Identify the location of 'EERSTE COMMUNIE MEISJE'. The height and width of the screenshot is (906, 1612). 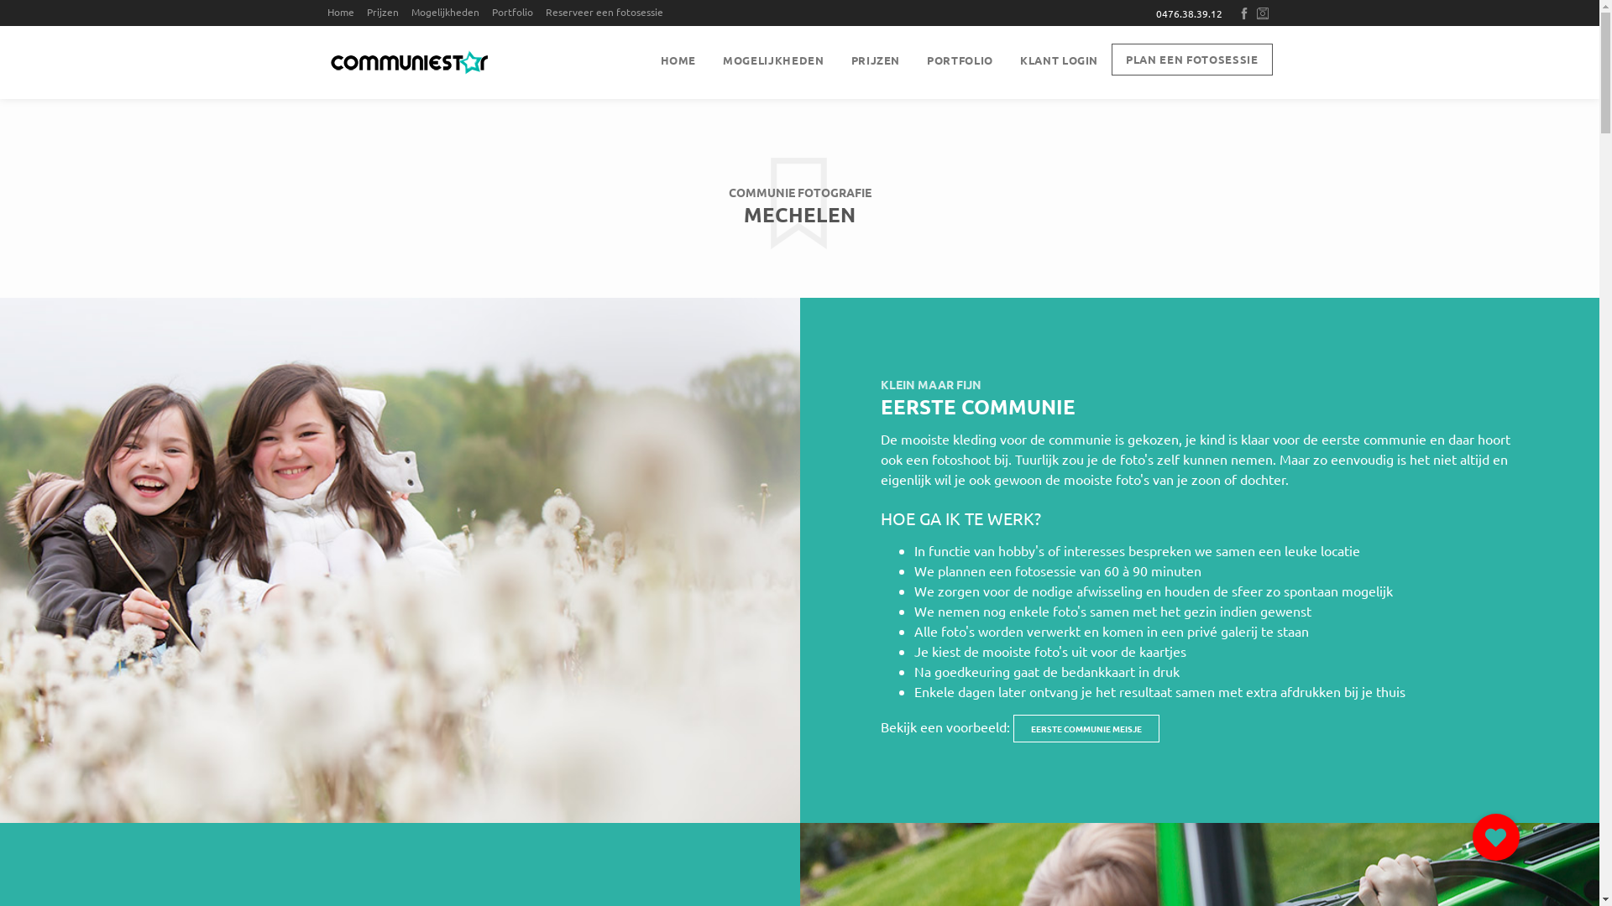
(1085, 727).